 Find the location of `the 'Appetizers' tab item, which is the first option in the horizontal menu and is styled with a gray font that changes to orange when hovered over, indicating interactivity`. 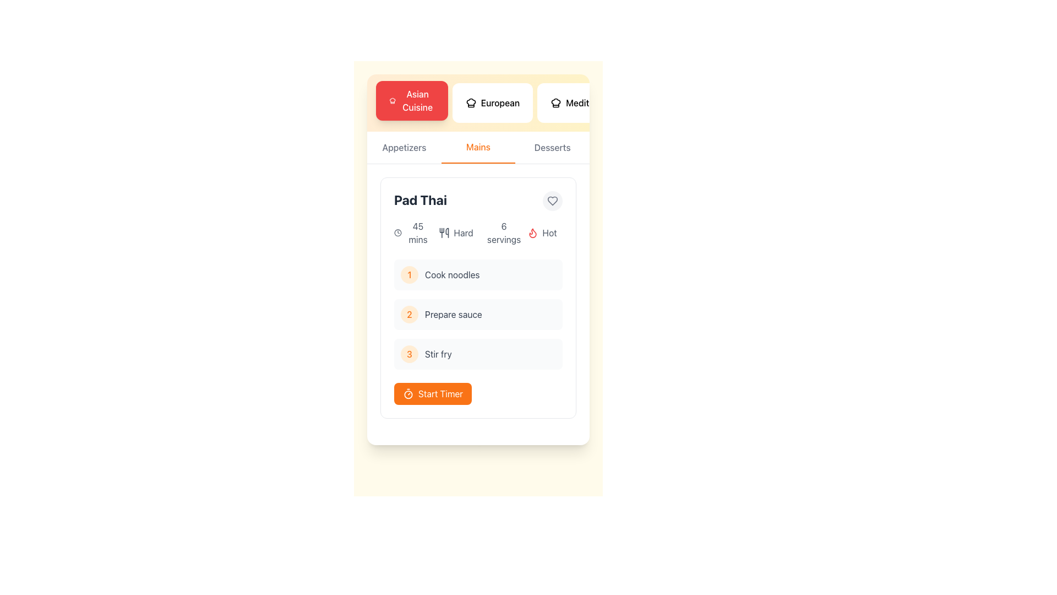

the 'Appetizers' tab item, which is the first option in the horizontal menu and is styled with a gray font that changes to orange when hovered over, indicating interactivity is located at coordinates (404, 147).